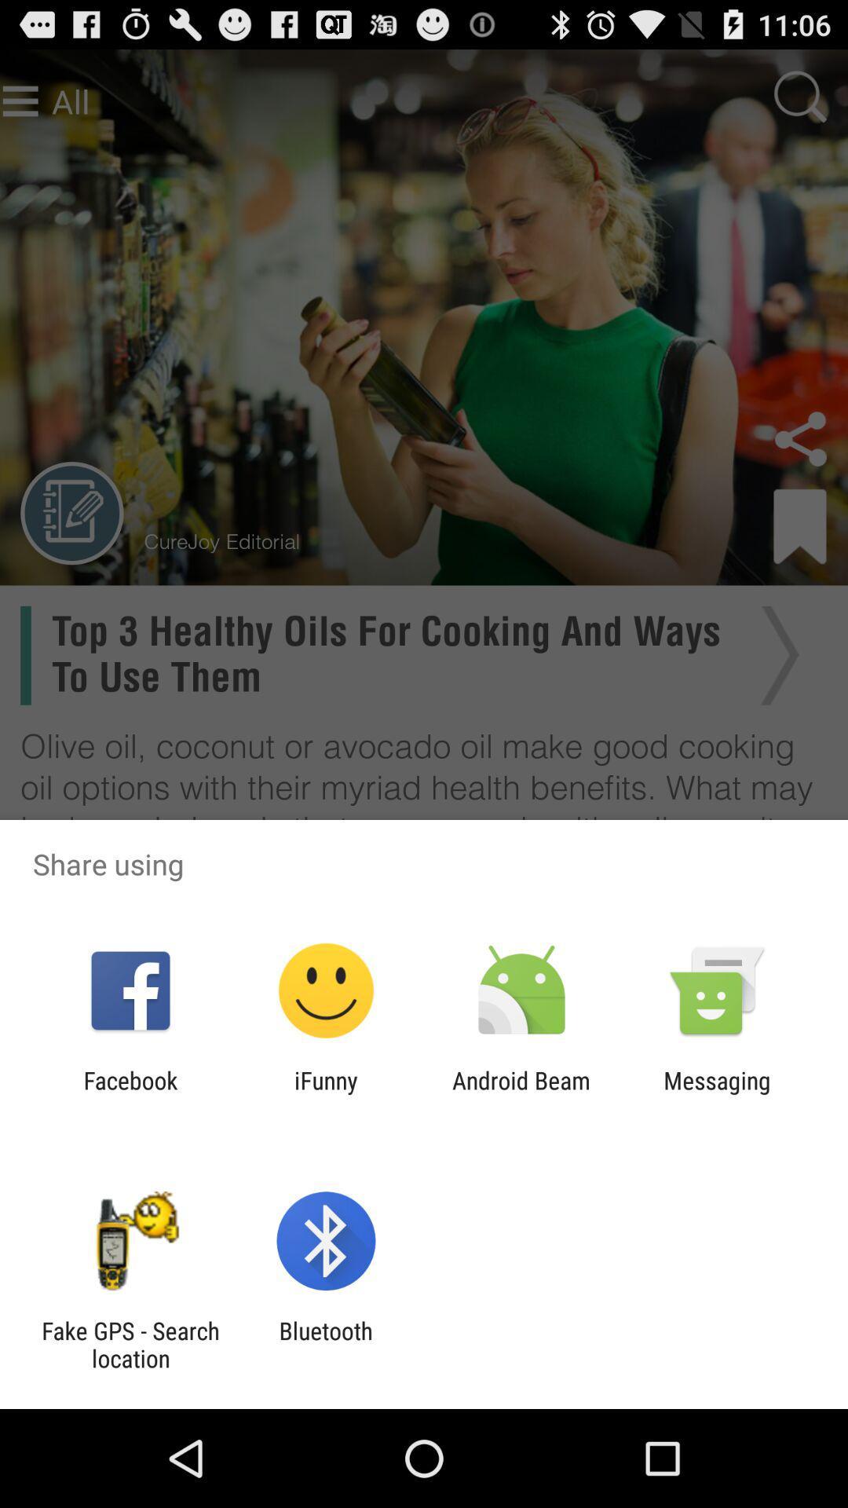 Image resolution: width=848 pixels, height=1508 pixels. Describe the element at coordinates (521, 1093) in the screenshot. I see `app to the left of the messaging` at that location.